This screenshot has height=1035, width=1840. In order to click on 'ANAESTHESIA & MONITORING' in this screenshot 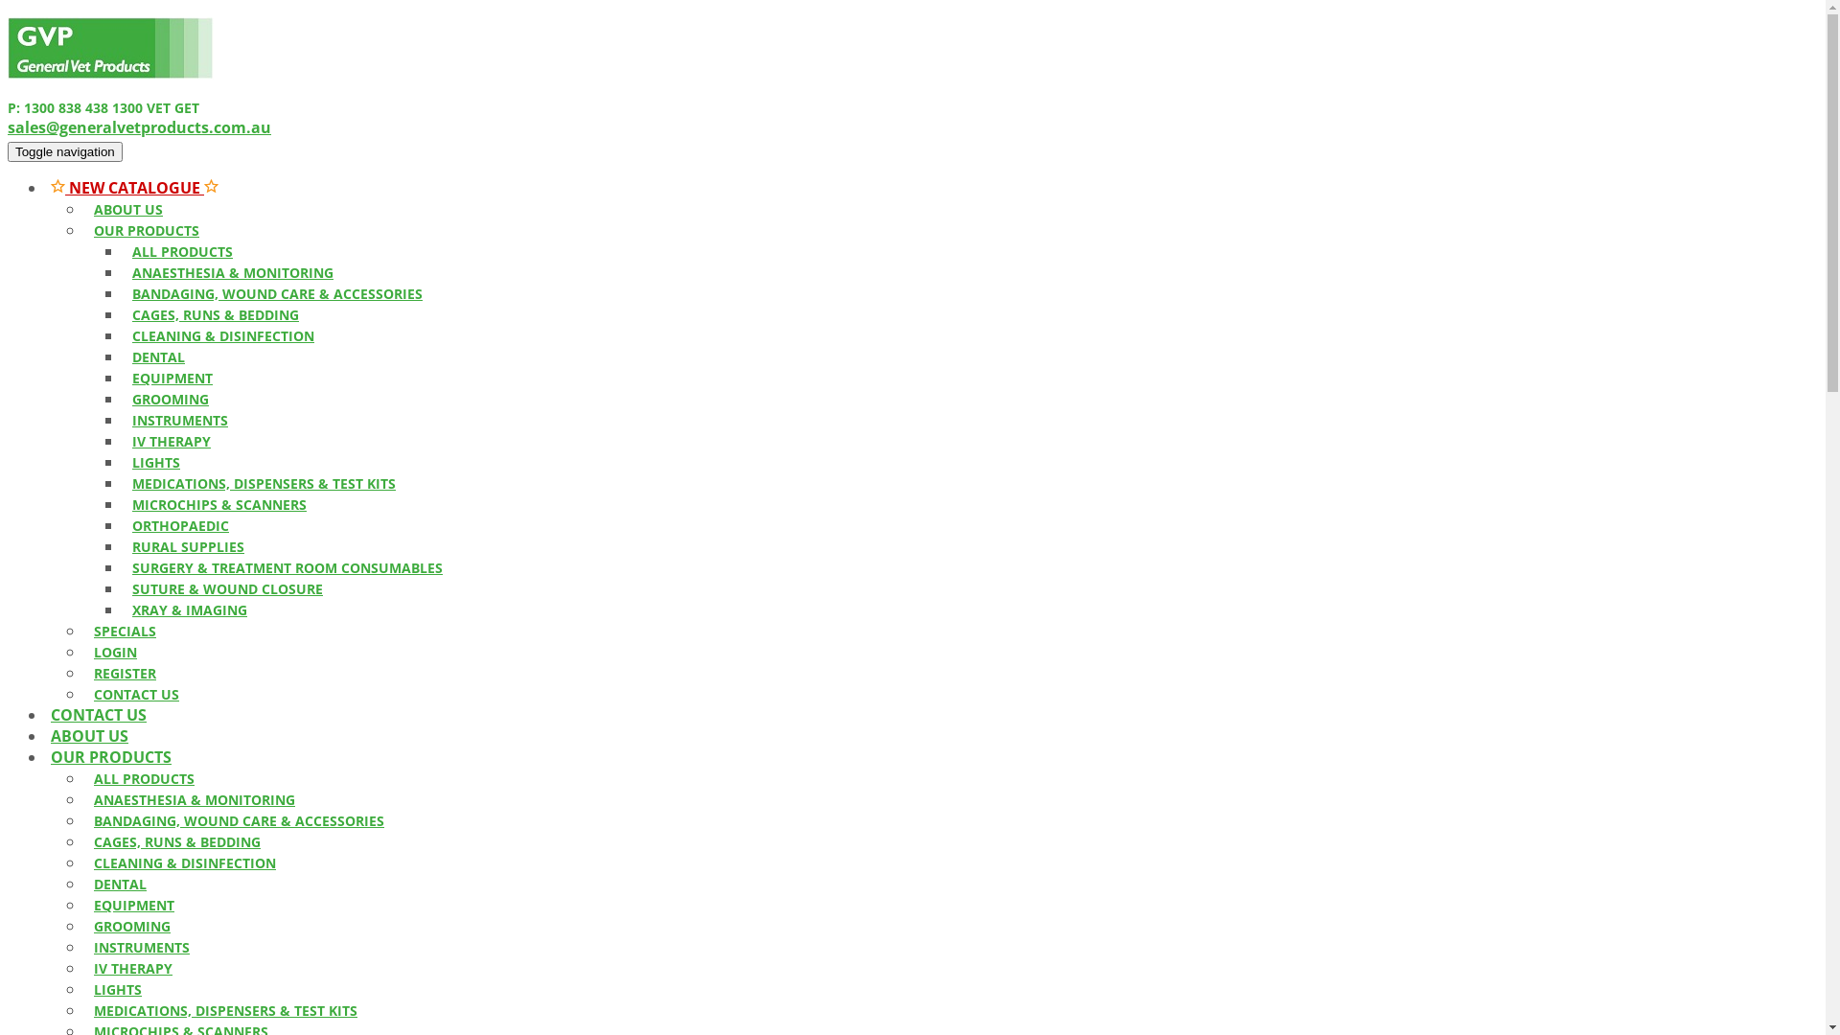, I will do `click(194, 799)`.